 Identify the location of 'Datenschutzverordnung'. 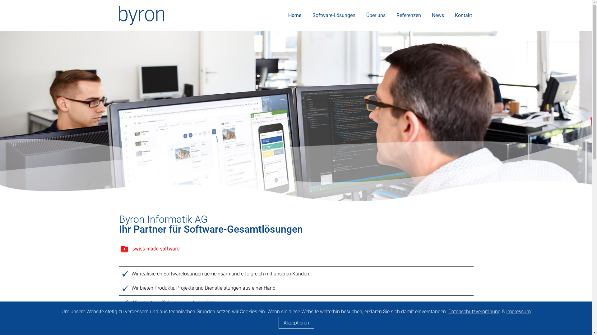
(474, 311).